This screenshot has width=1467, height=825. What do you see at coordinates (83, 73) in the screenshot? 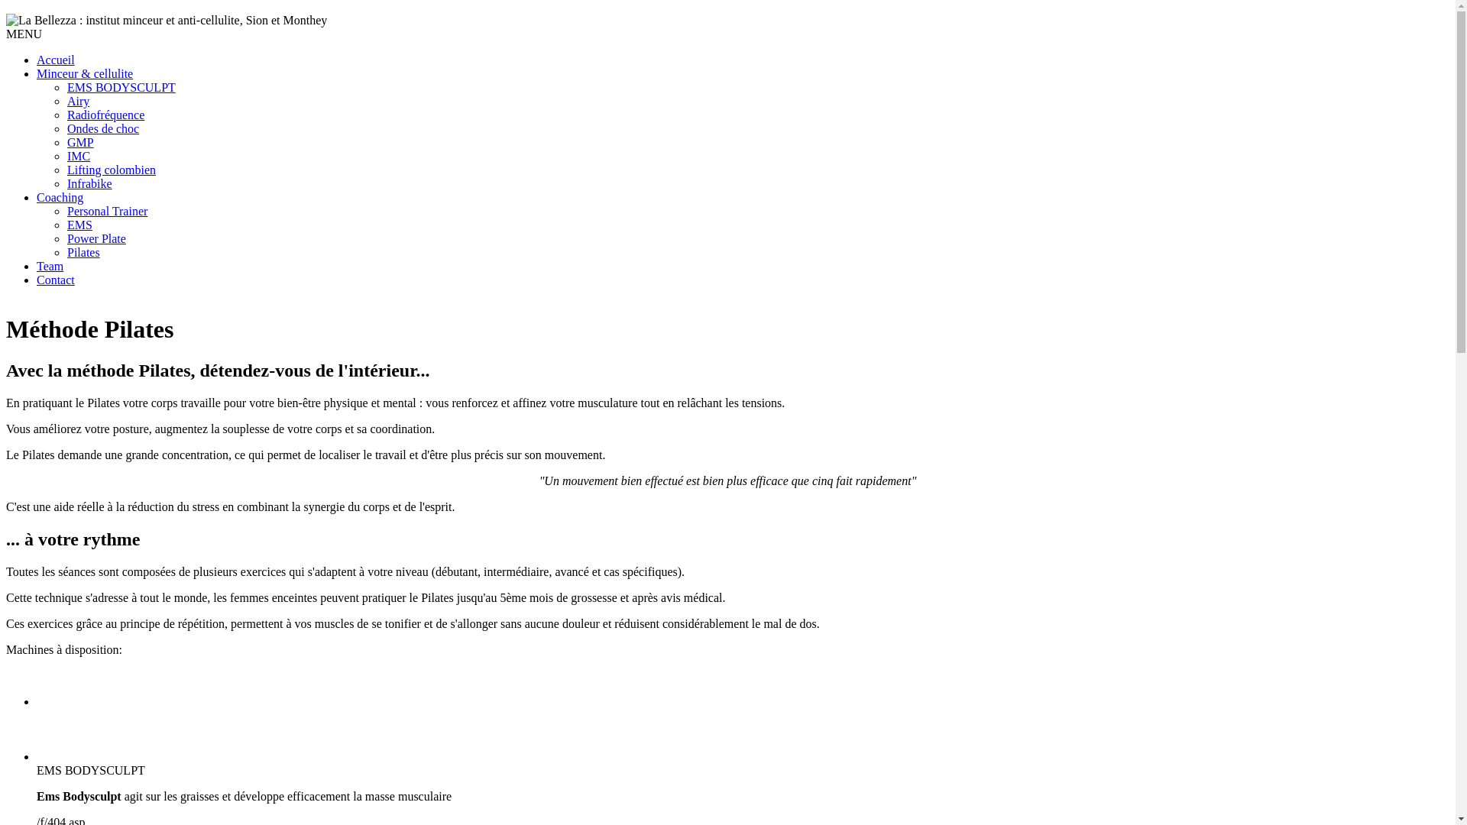
I see `'Minceur & cellulite'` at bounding box center [83, 73].